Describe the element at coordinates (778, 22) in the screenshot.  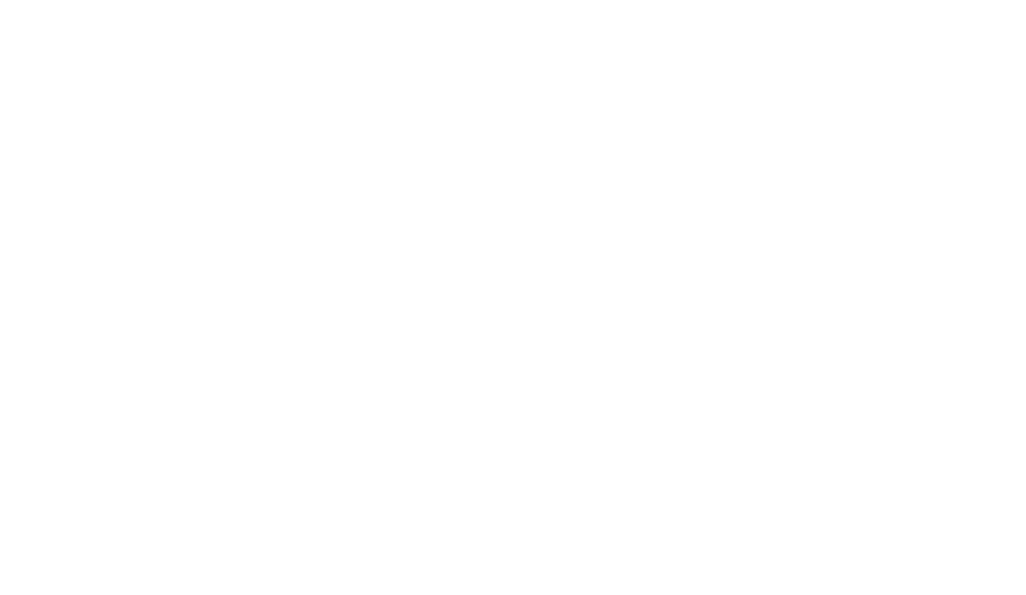
I see `'Spotted par Lisa'` at that location.